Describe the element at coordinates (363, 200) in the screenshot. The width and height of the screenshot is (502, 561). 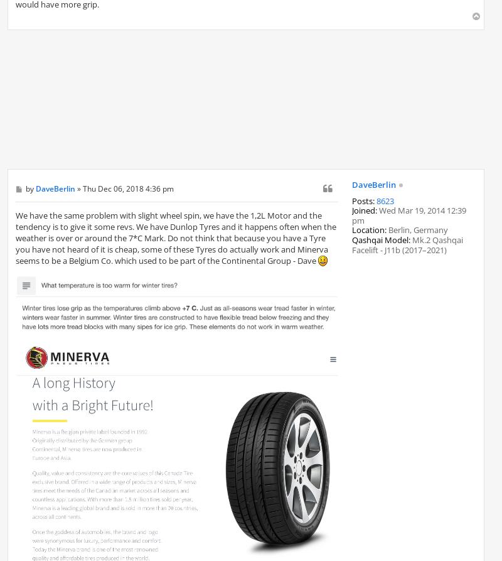
I see `'Posts:'` at that location.